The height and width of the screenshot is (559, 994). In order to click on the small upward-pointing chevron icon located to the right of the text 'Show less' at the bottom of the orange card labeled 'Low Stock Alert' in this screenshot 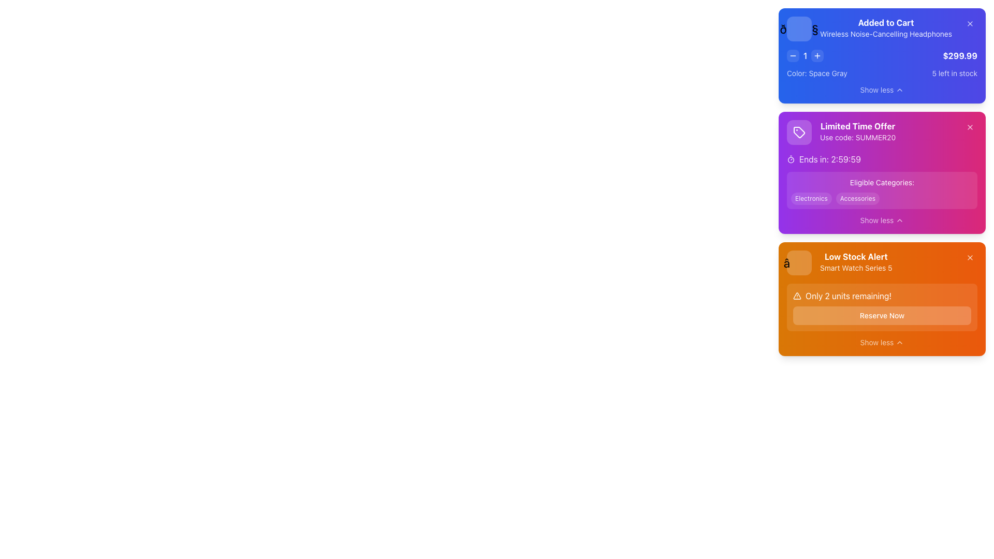, I will do `click(899, 343)`.